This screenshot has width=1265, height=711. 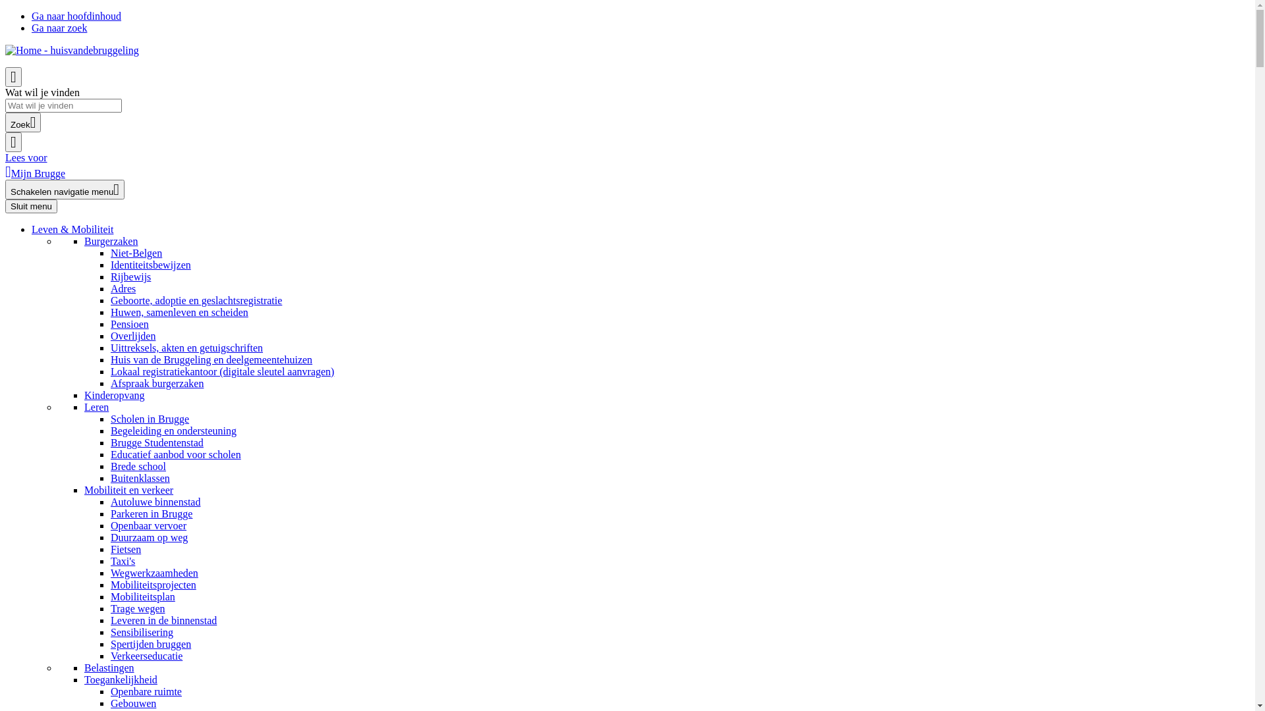 I want to click on 'Begeleiding en ondersteuning', so click(x=111, y=431).